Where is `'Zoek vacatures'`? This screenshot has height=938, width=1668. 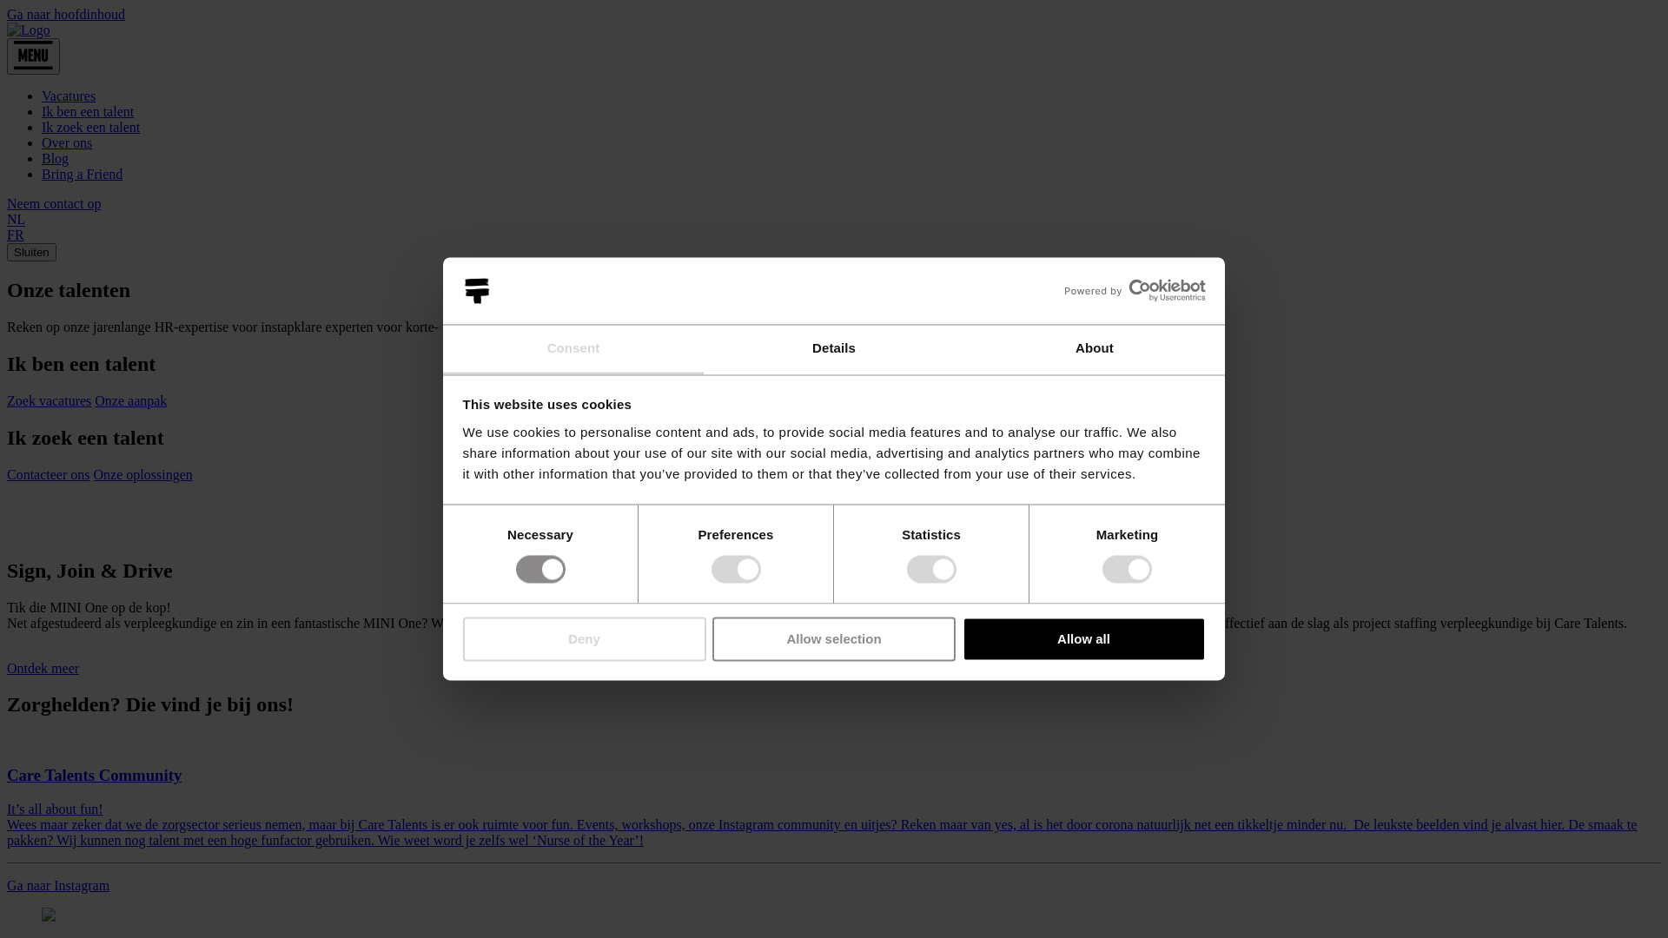
'Zoek vacatures' is located at coordinates (7, 400).